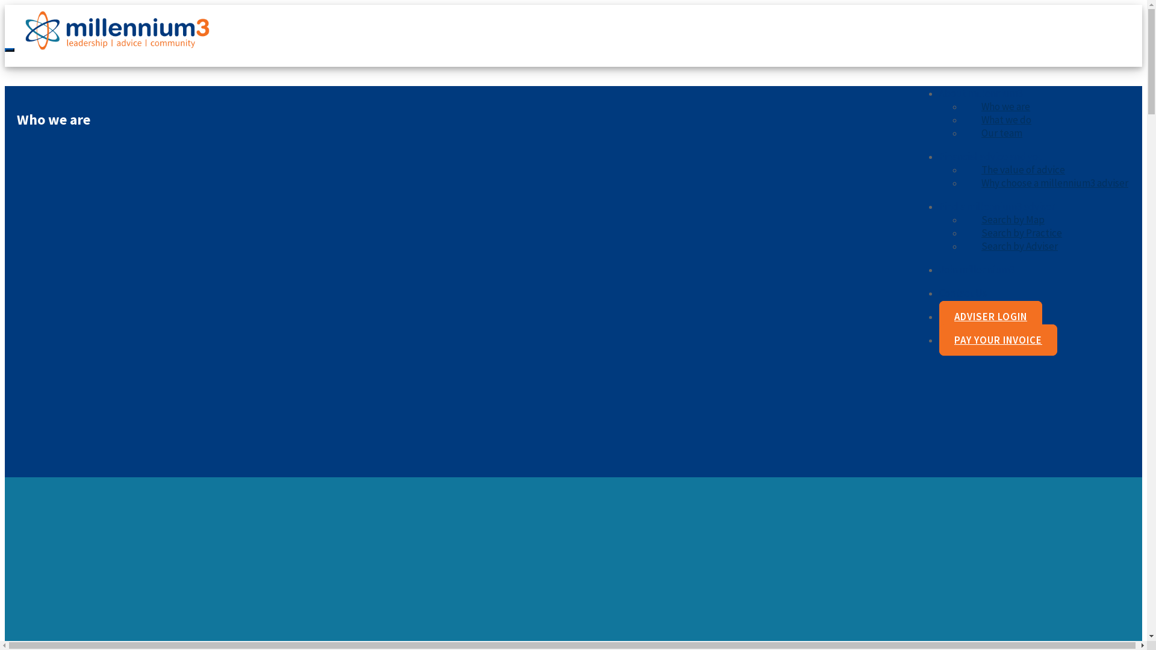 The height and width of the screenshot is (650, 1156). I want to click on 'ADVISER LOGIN', so click(990, 315).